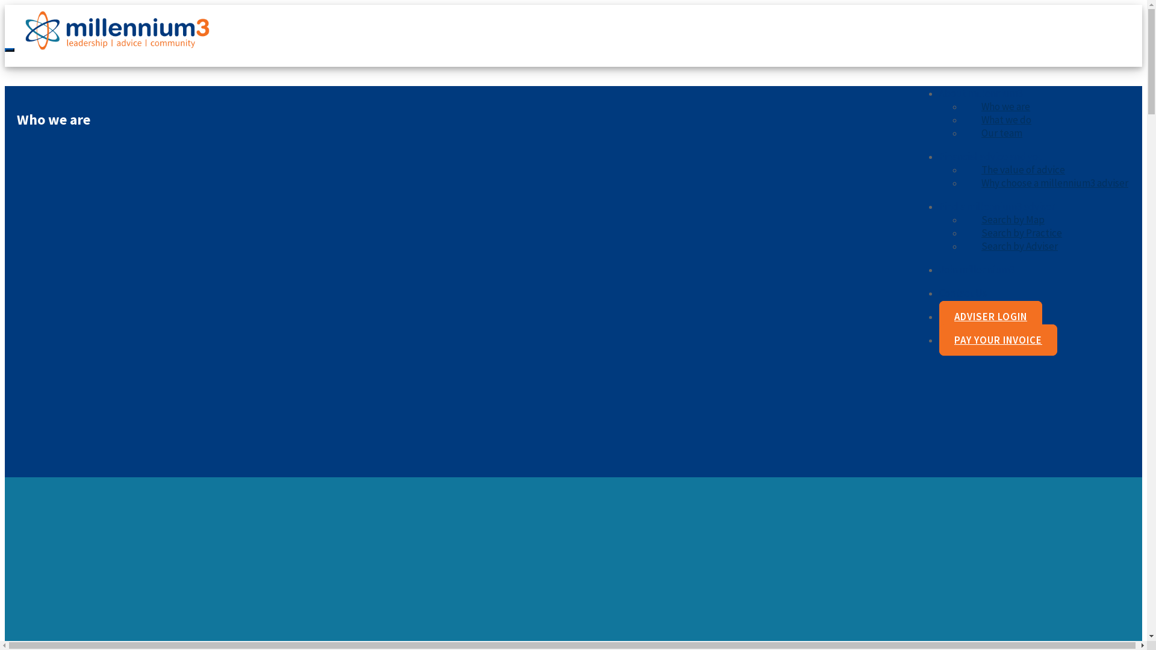 The height and width of the screenshot is (650, 1156). I want to click on 'ADVISER LOGIN', so click(990, 315).